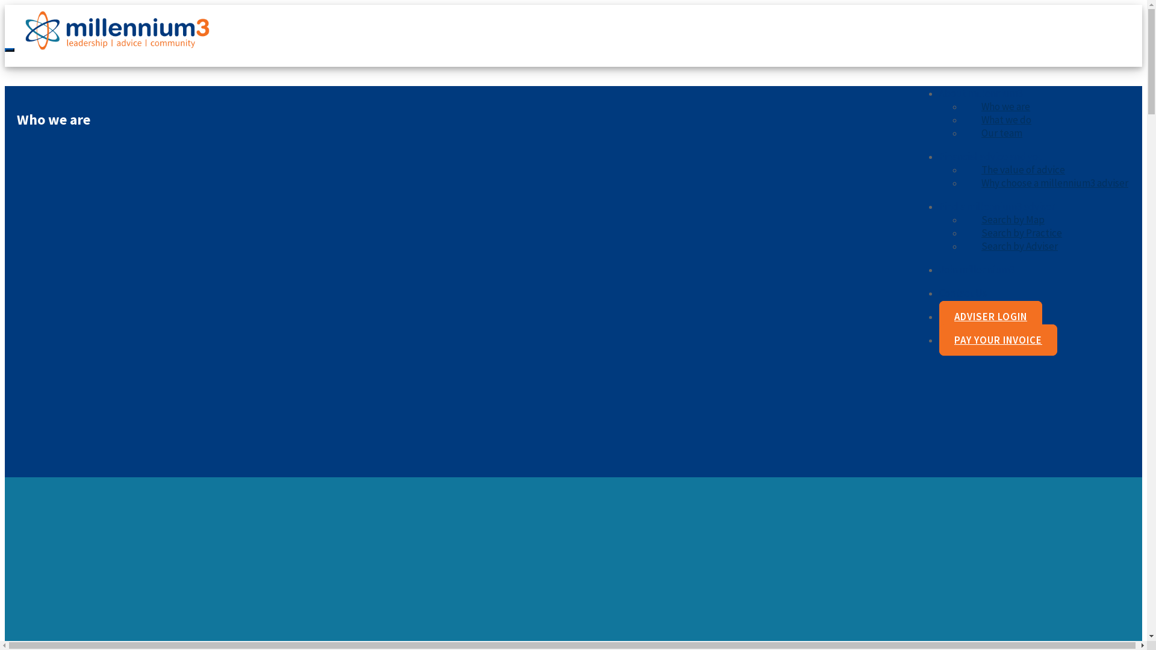 The height and width of the screenshot is (650, 1156). I want to click on 'ADVISER LOGIN', so click(990, 315).